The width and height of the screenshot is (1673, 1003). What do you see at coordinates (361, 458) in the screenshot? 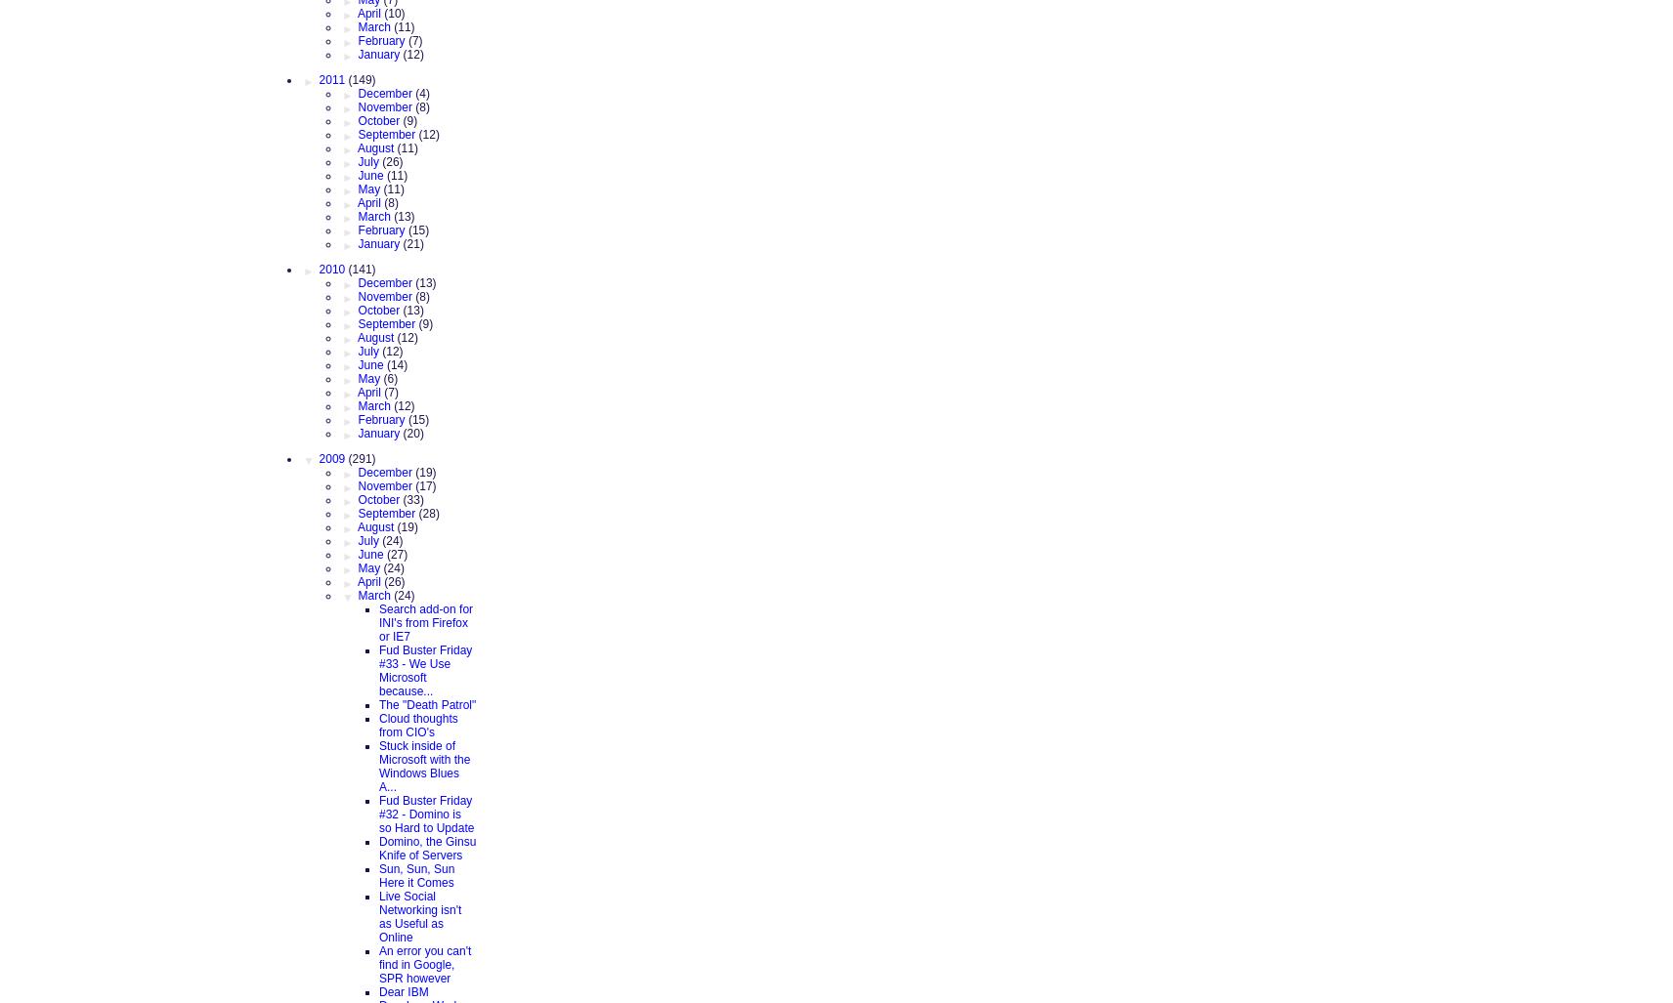
I see `'(291)'` at bounding box center [361, 458].